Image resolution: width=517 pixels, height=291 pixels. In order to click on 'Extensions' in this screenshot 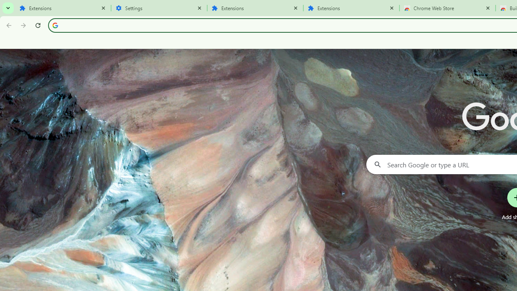, I will do `click(351, 8)`.